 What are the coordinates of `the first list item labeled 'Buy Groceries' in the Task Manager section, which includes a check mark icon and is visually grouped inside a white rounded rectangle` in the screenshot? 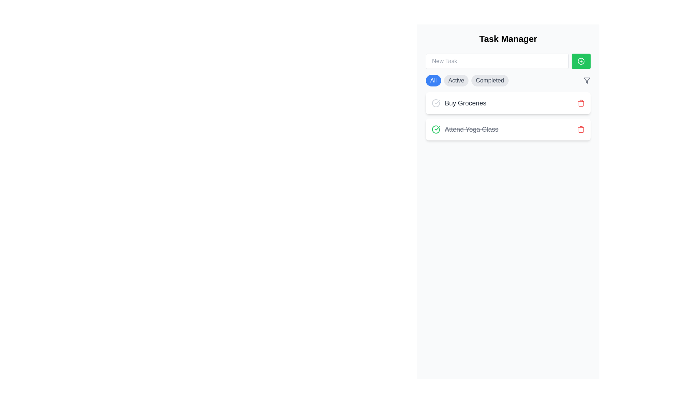 It's located at (458, 103).